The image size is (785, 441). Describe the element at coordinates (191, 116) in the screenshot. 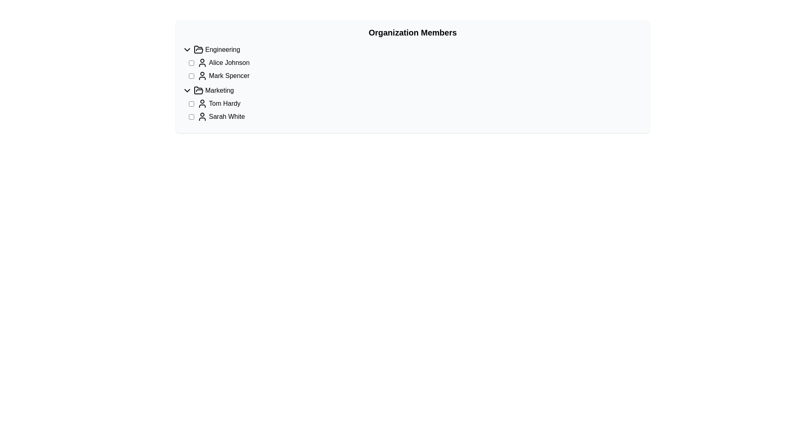

I see `the rectangular checkbox positioned to the left of the avatar icon and text for 'Sarah White'` at that location.